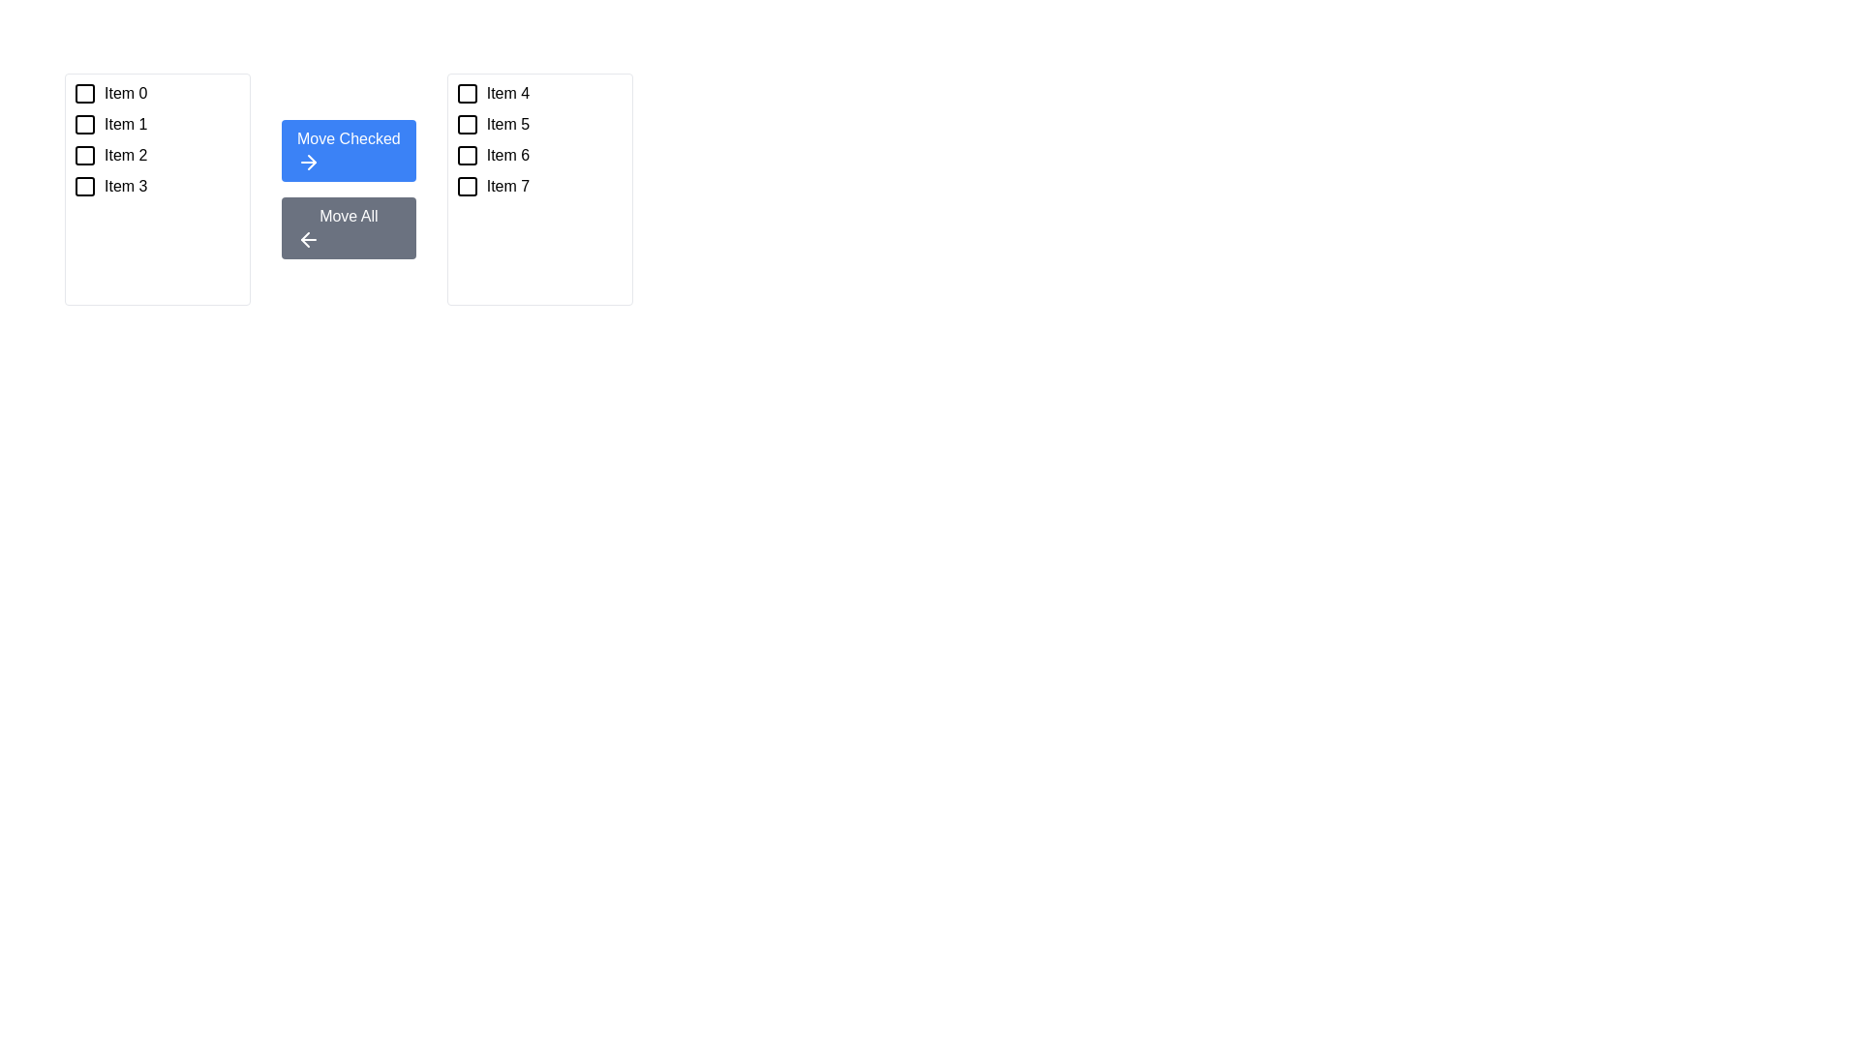 This screenshot has width=1859, height=1045. Describe the element at coordinates (125, 155) in the screenshot. I see `text of the label that reads 'Item 2', which is the text label for the third checkbox in the left-hand vertical list` at that location.